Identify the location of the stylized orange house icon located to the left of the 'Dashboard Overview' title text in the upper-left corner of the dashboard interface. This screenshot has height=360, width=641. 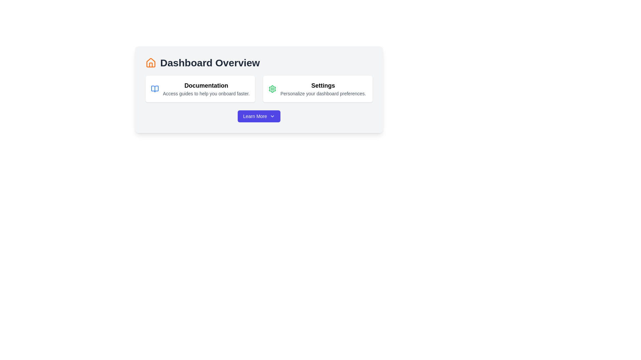
(150, 63).